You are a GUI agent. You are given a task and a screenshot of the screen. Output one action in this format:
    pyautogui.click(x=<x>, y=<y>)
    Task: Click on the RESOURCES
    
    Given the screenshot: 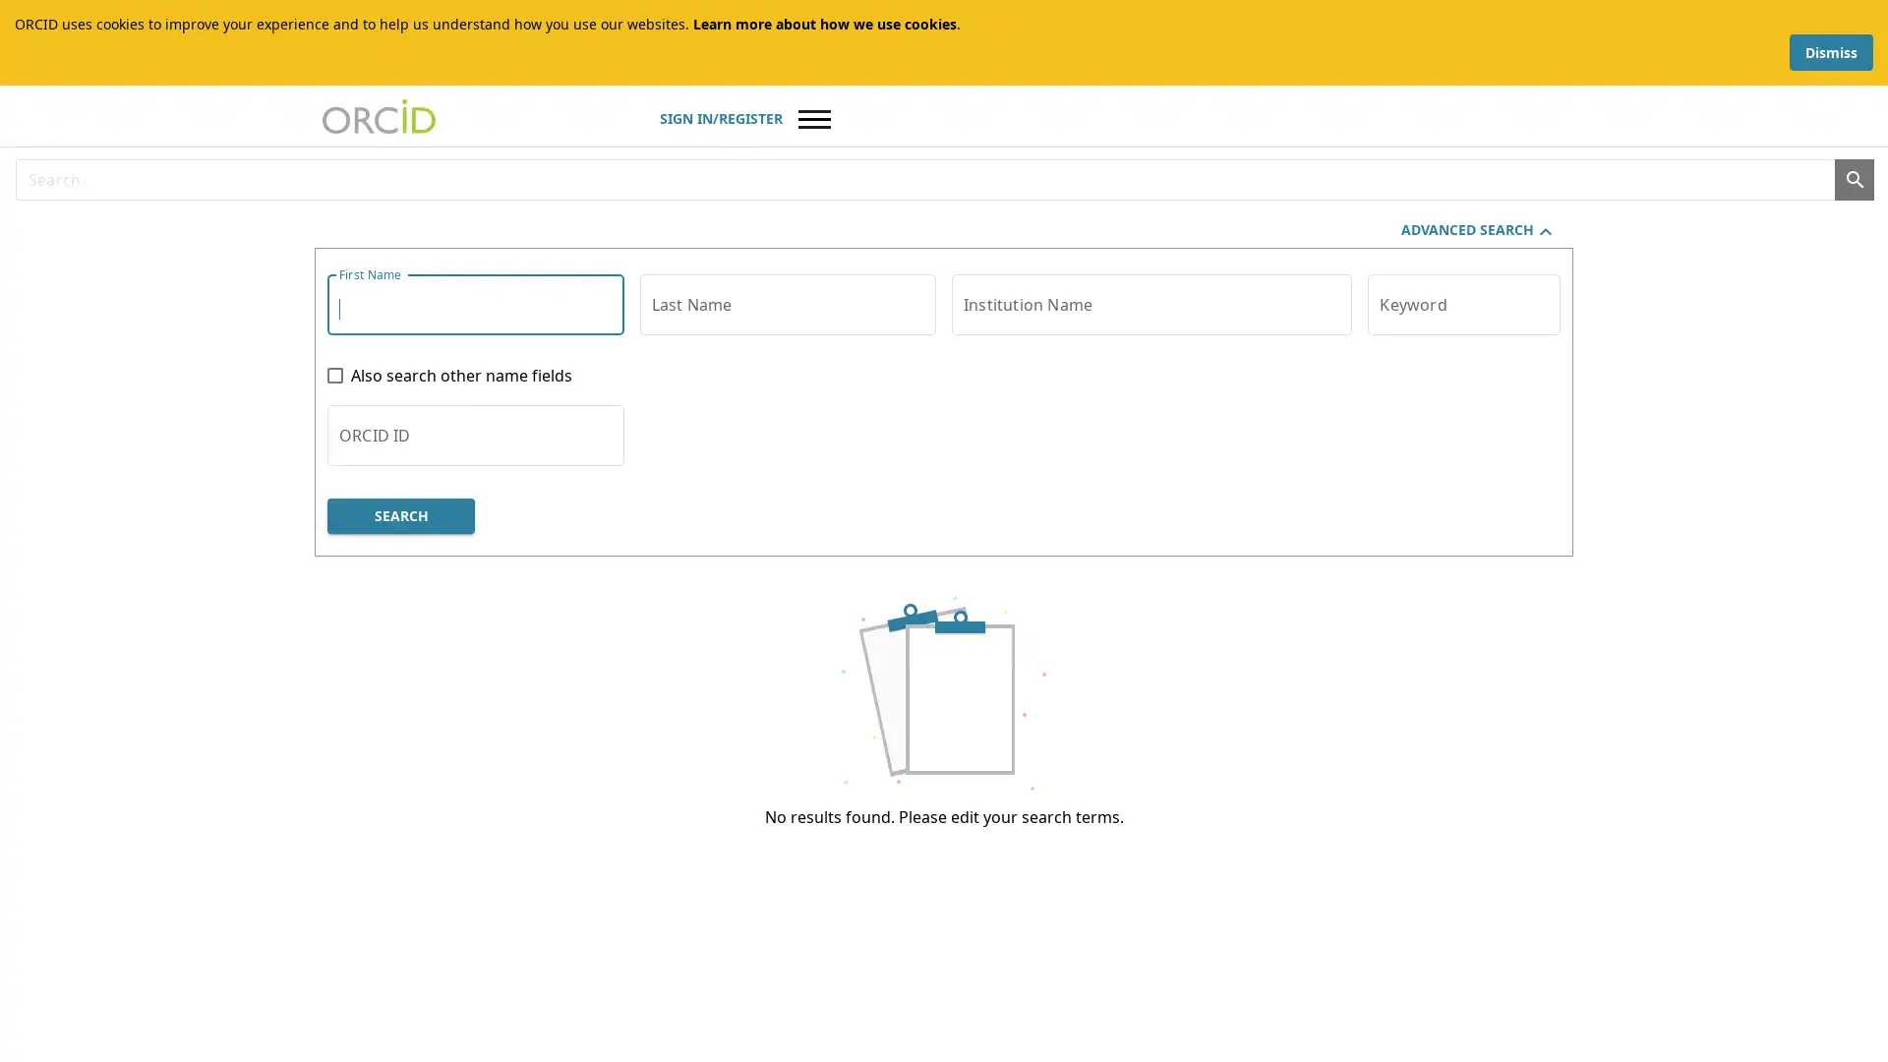 What is the action you would take?
    pyautogui.click(x=1059, y=222)
    